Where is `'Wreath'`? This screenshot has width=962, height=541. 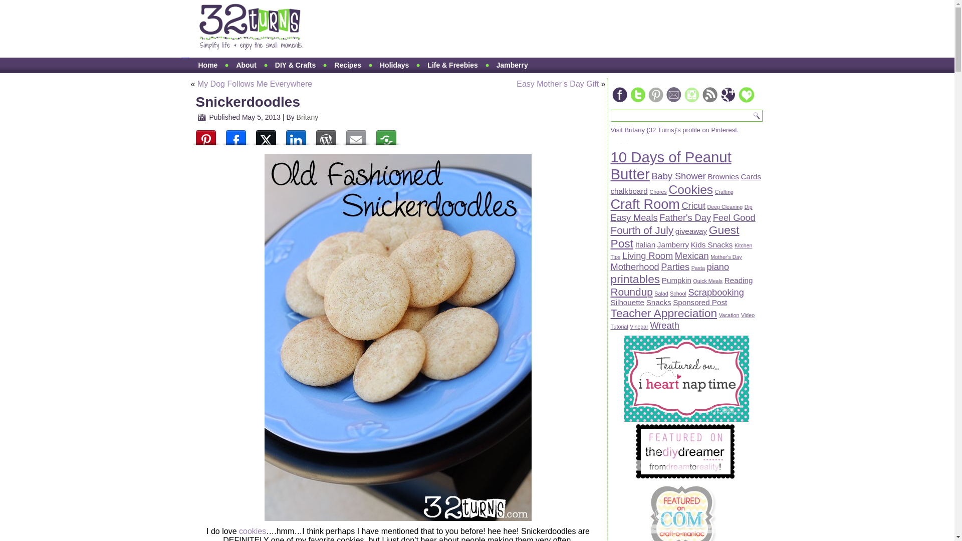
'Wreath' is located at coordinates (664, 325).